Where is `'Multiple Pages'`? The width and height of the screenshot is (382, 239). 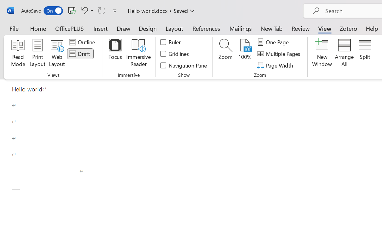
'Multiple Pages' is located at coordinates (279, 53).